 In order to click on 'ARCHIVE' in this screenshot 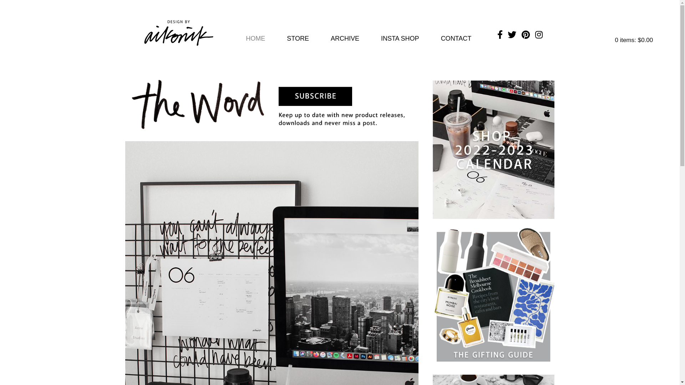, I will do `click(345, 38)`.